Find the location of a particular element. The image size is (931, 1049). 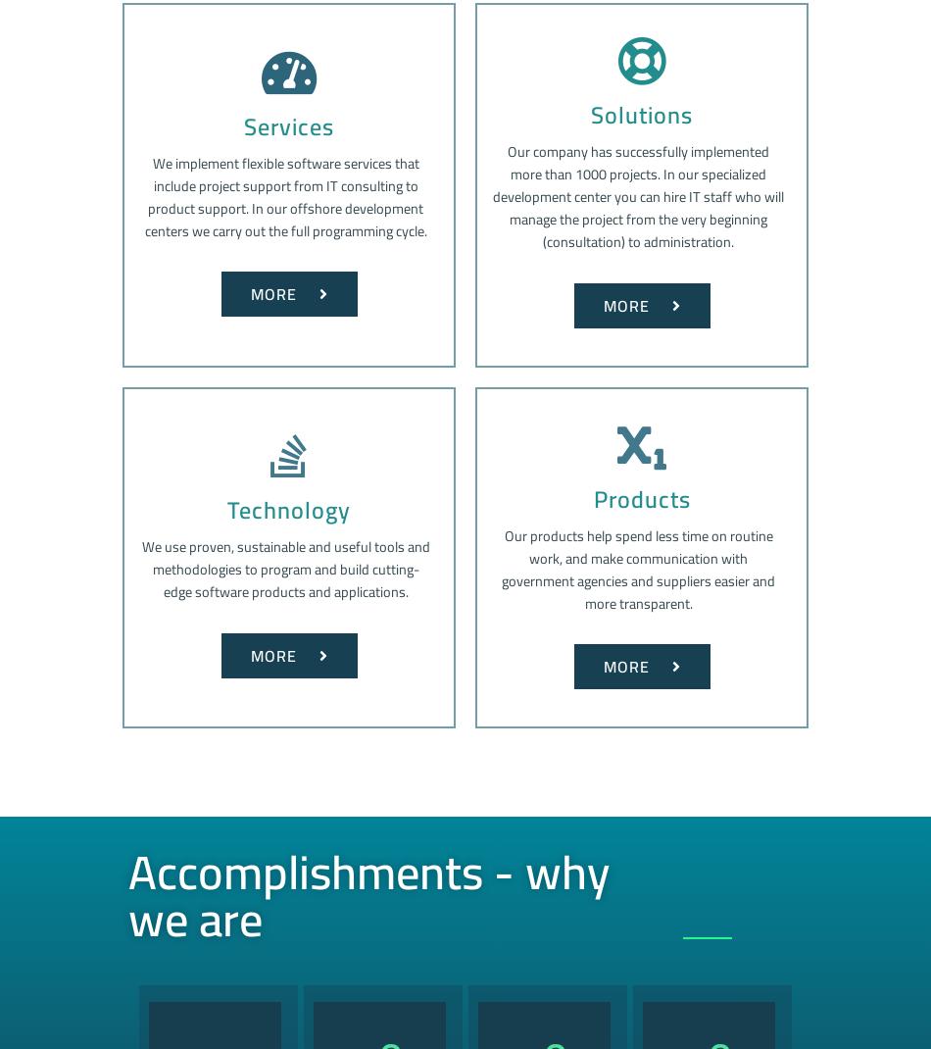

'Our products help spend less time on routine work, and make communication with government agencies and suppliers easier and more transparent.' is located at coordinates (638, 568).